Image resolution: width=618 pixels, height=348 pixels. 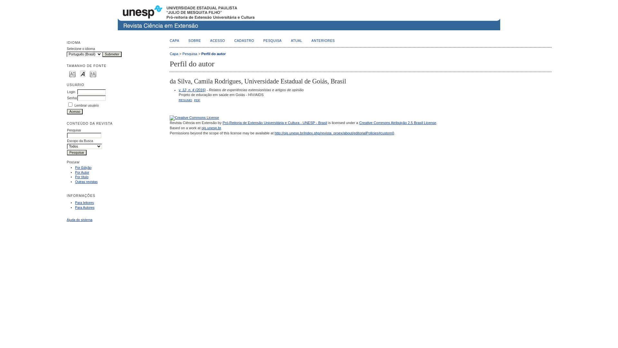 What do you see at coordinates (234, 41) in the screenshot?
I see `'CADASTRO'` at bounding box center [234, 41].